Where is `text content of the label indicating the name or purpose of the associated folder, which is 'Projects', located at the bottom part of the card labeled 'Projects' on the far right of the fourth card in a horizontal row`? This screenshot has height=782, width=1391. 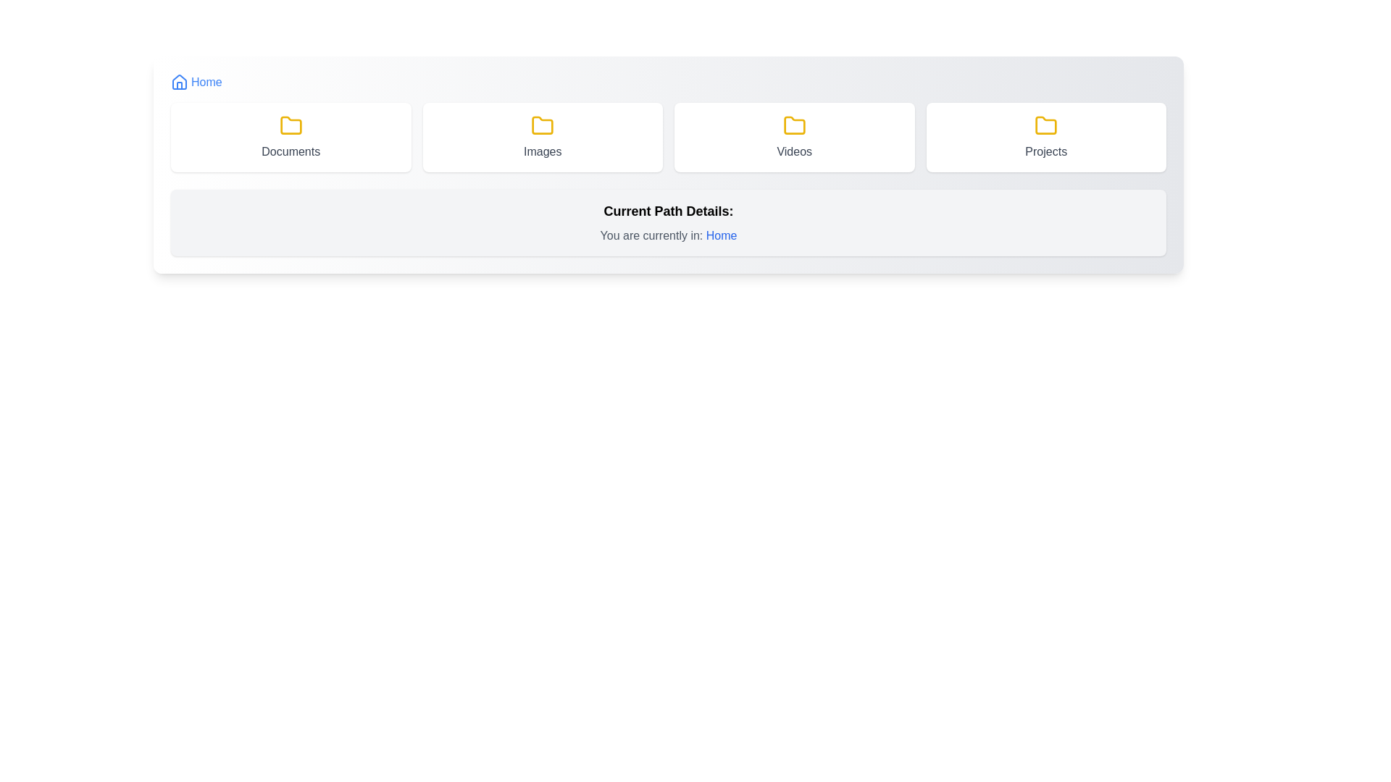 text content of the label indicating the name or purpose of the associated folder, which is 'Projects', located at the bottom part of the card labeled 'Projects' on the far right of the fourth card in a horizontal row is located at coordinates (1046, 151).